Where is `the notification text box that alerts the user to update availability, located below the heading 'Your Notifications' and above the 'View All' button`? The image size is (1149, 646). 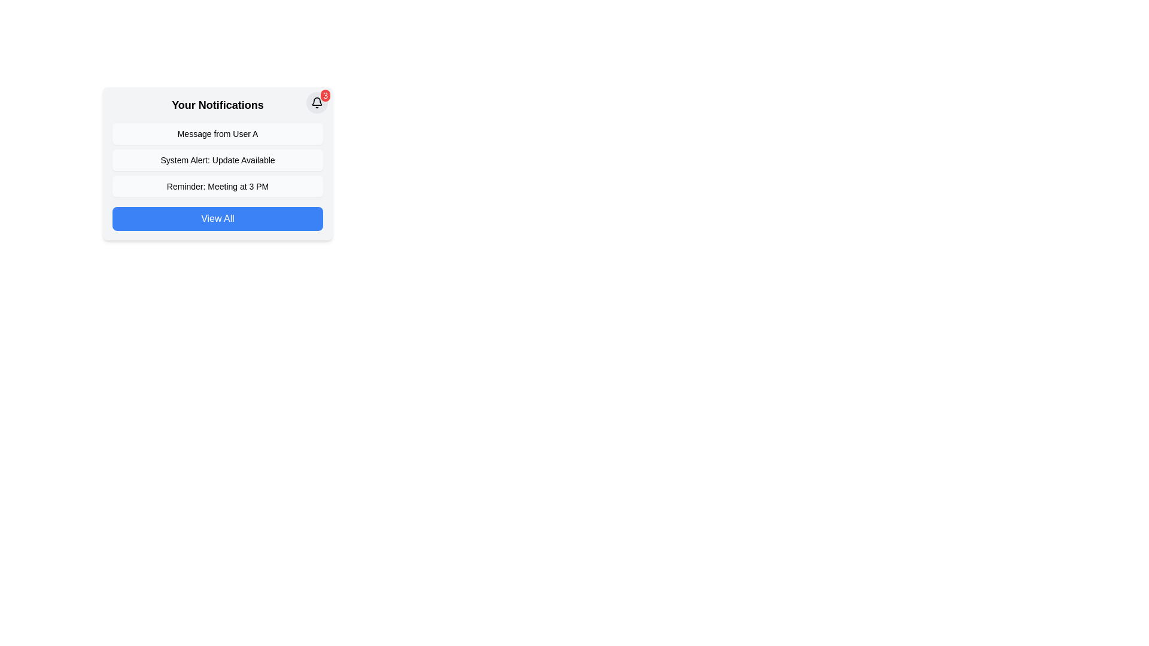
the notification text box that alerts the user to update availability, located below the heading 'Your Notifications' and above the 'View All' button is located at coordinates (218, 159).